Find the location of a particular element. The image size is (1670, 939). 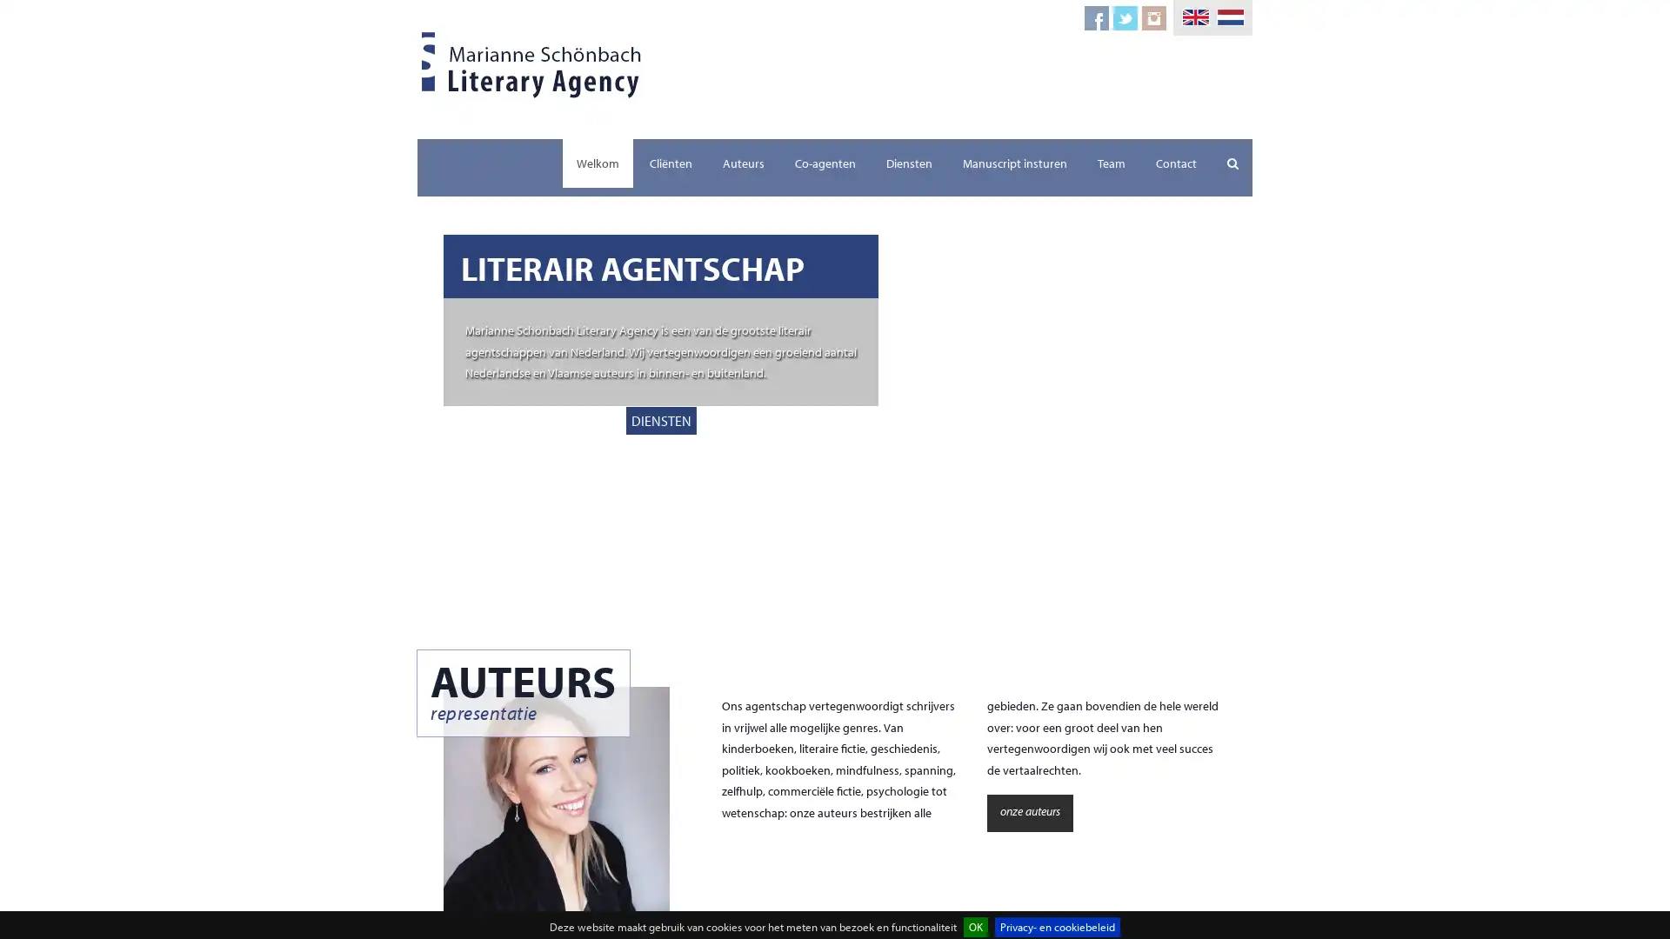

onze auteurs is located at coordinates (1029, 813).